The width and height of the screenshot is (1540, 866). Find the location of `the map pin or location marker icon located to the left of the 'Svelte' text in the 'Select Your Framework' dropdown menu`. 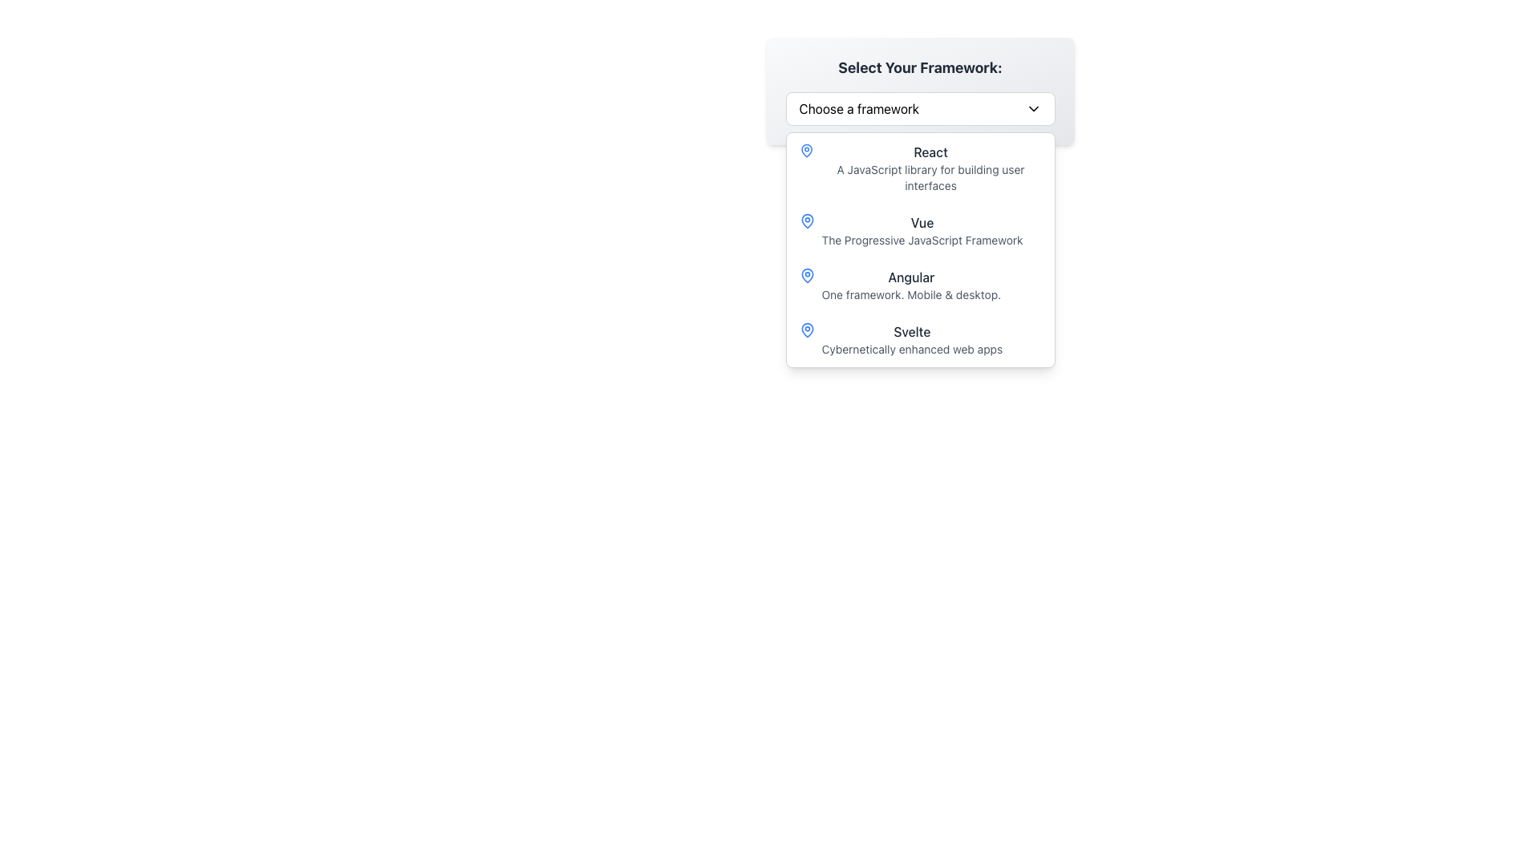

the map pin or location marker icon located to the left of the 'Svelte' text in the 'Select Your Framework' dropdown menu is located at coordinates (807, 330).